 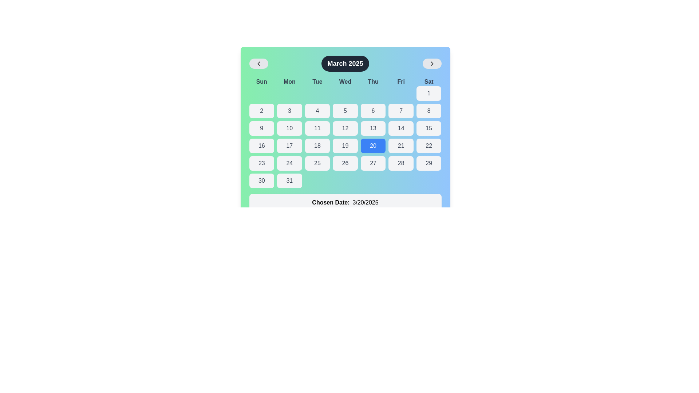 What do you see at coordinates (258, 63) in the screenshot?
I see `the button with an arrow icon located` at bounding box center [258, 63].